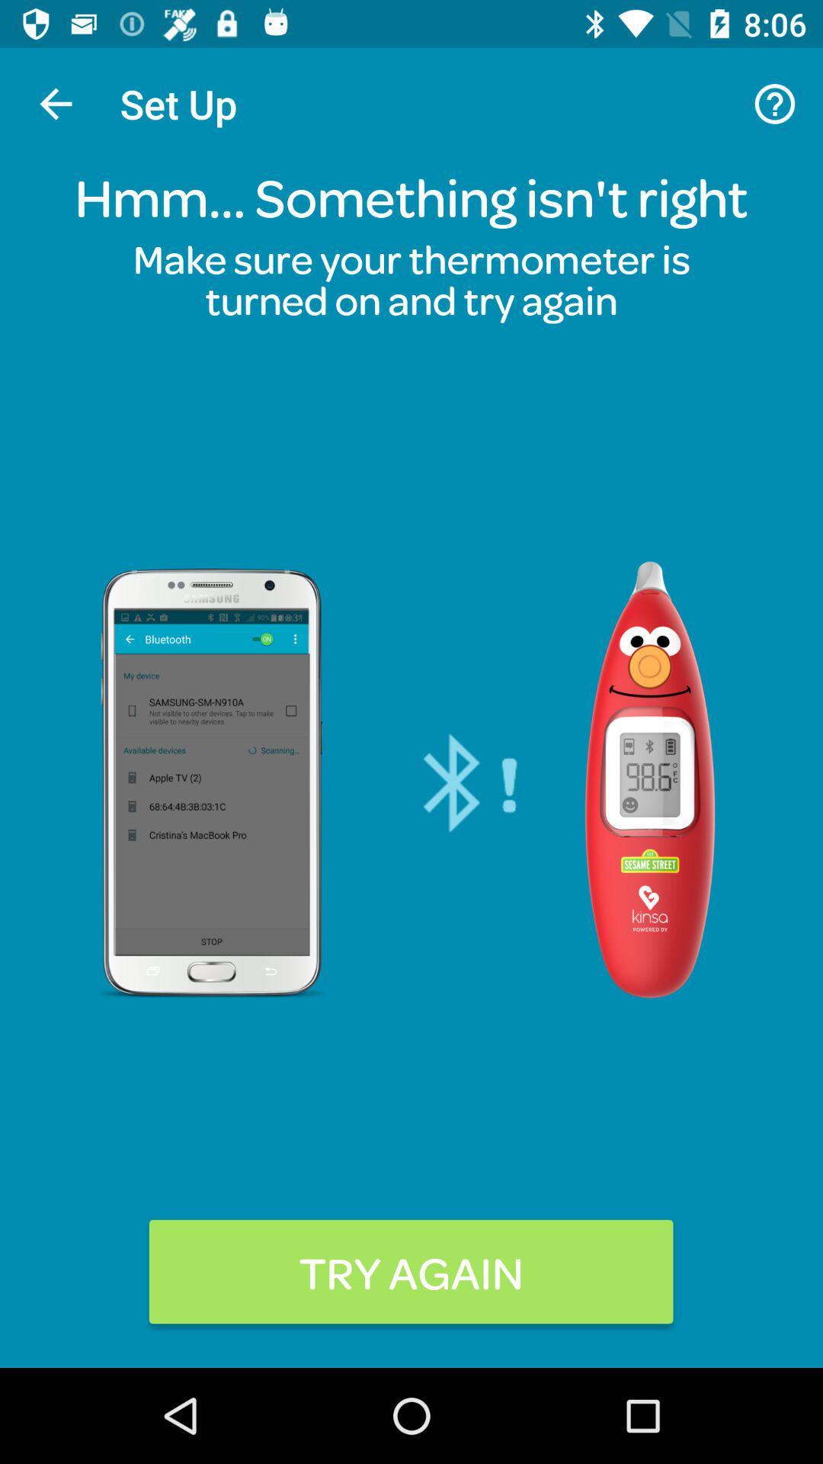 The width and height of the screenshot is (823, 1464). Describe the element at coordinates (55, 103) in the screenshot. I see `go back` at that location.